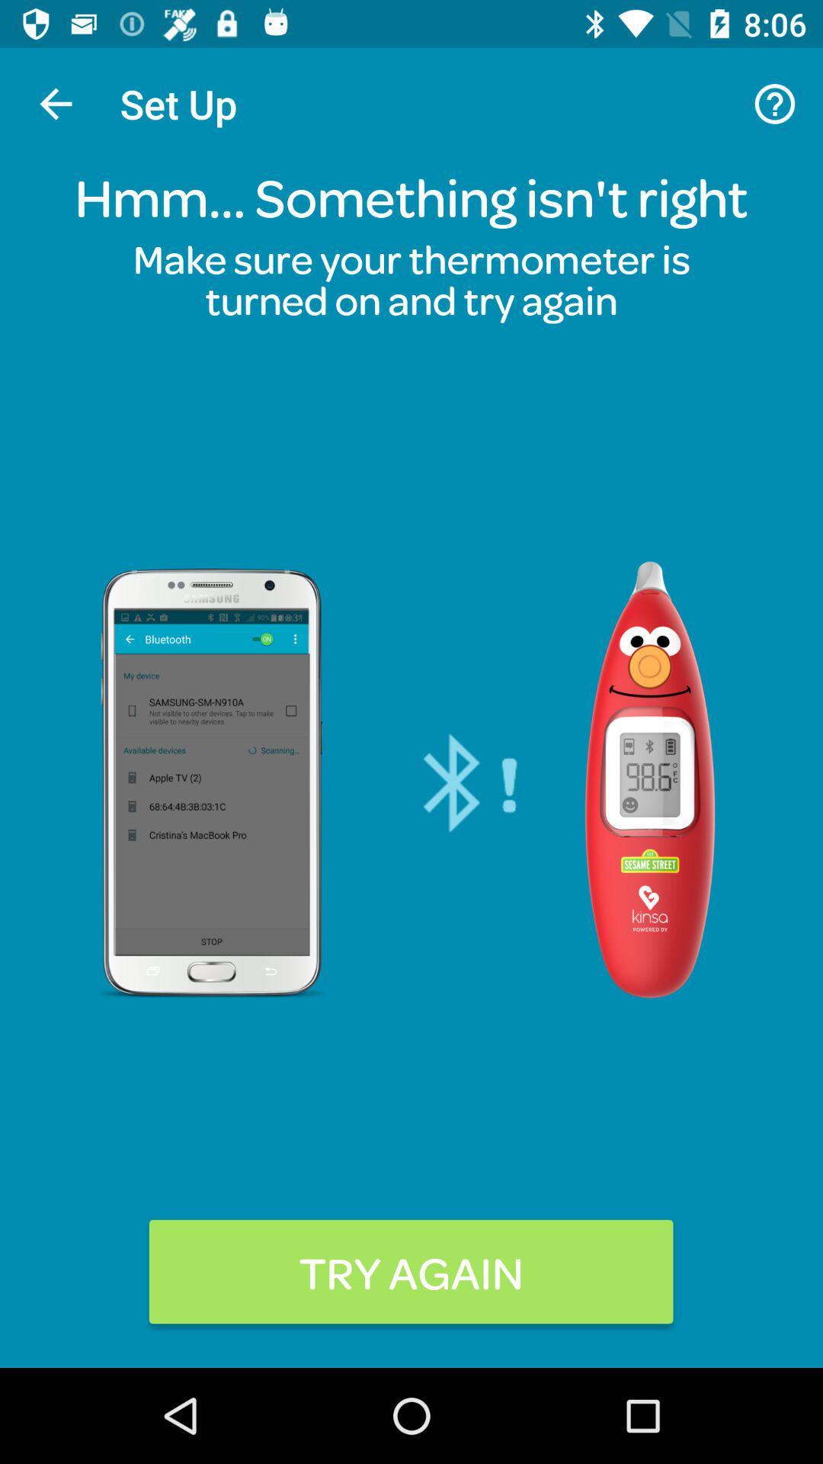 The width and height of the screenshot is (823, 1464). Describe the element at coordinates (55, 103) in the screenshot. I see `go back` at that location.